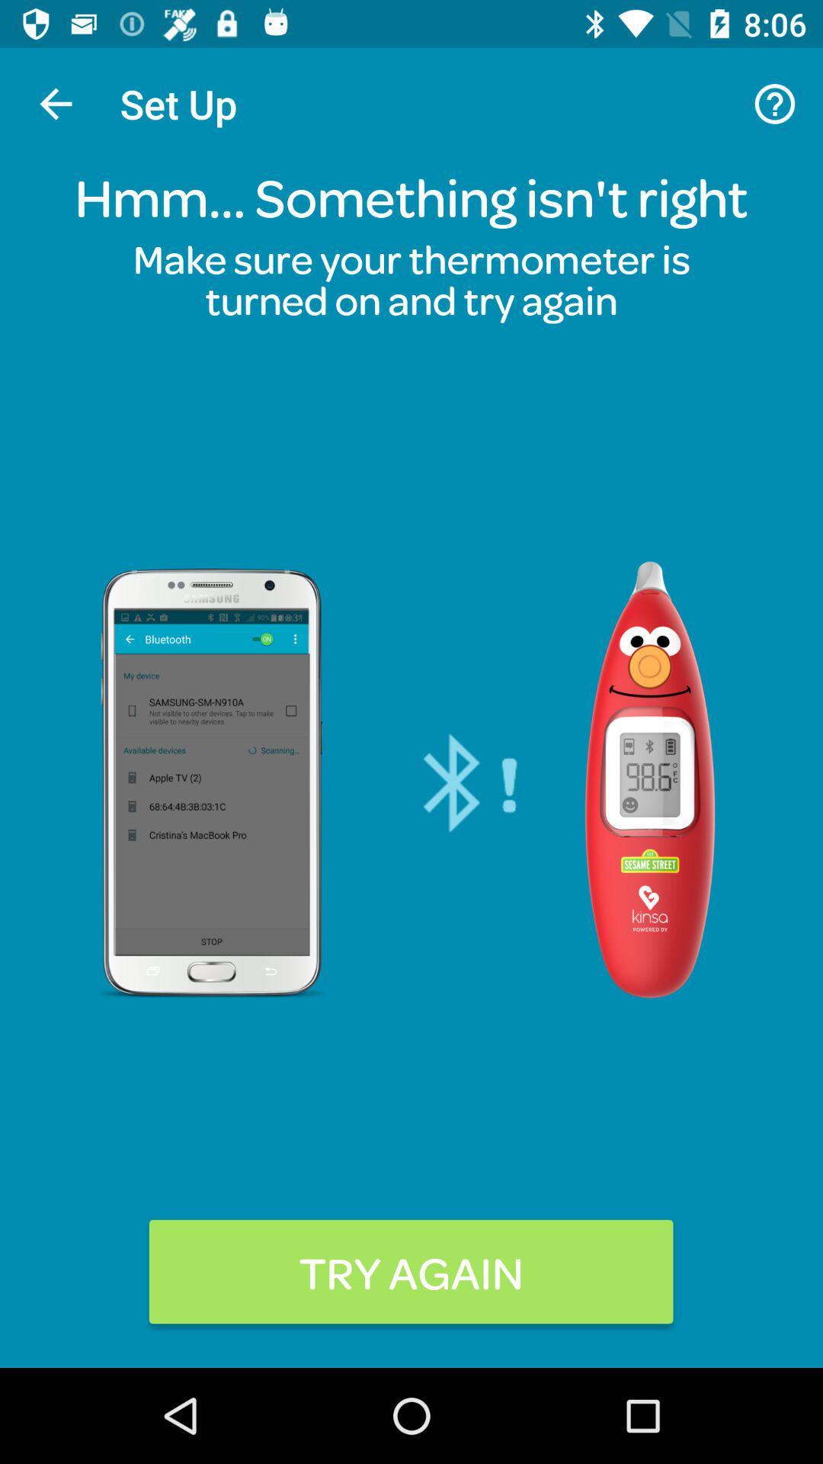 The width and height of the screenshot is (823, 1464). Describe the element at coordinates (55, 103) in the screenshot. I see `go back` at that location.